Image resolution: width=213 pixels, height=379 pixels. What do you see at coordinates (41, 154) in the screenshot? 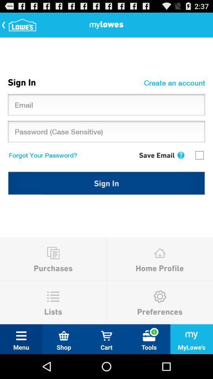
I see `item to the left of the save email` at bounding box center [41, 154].